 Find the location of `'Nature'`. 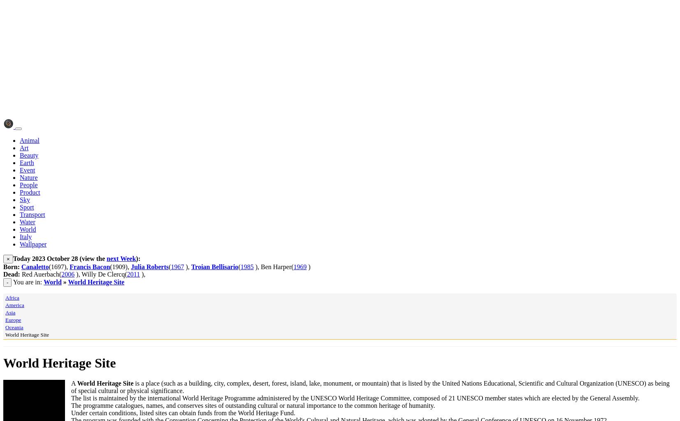

'Nature' is located at coordinates (28, 177).